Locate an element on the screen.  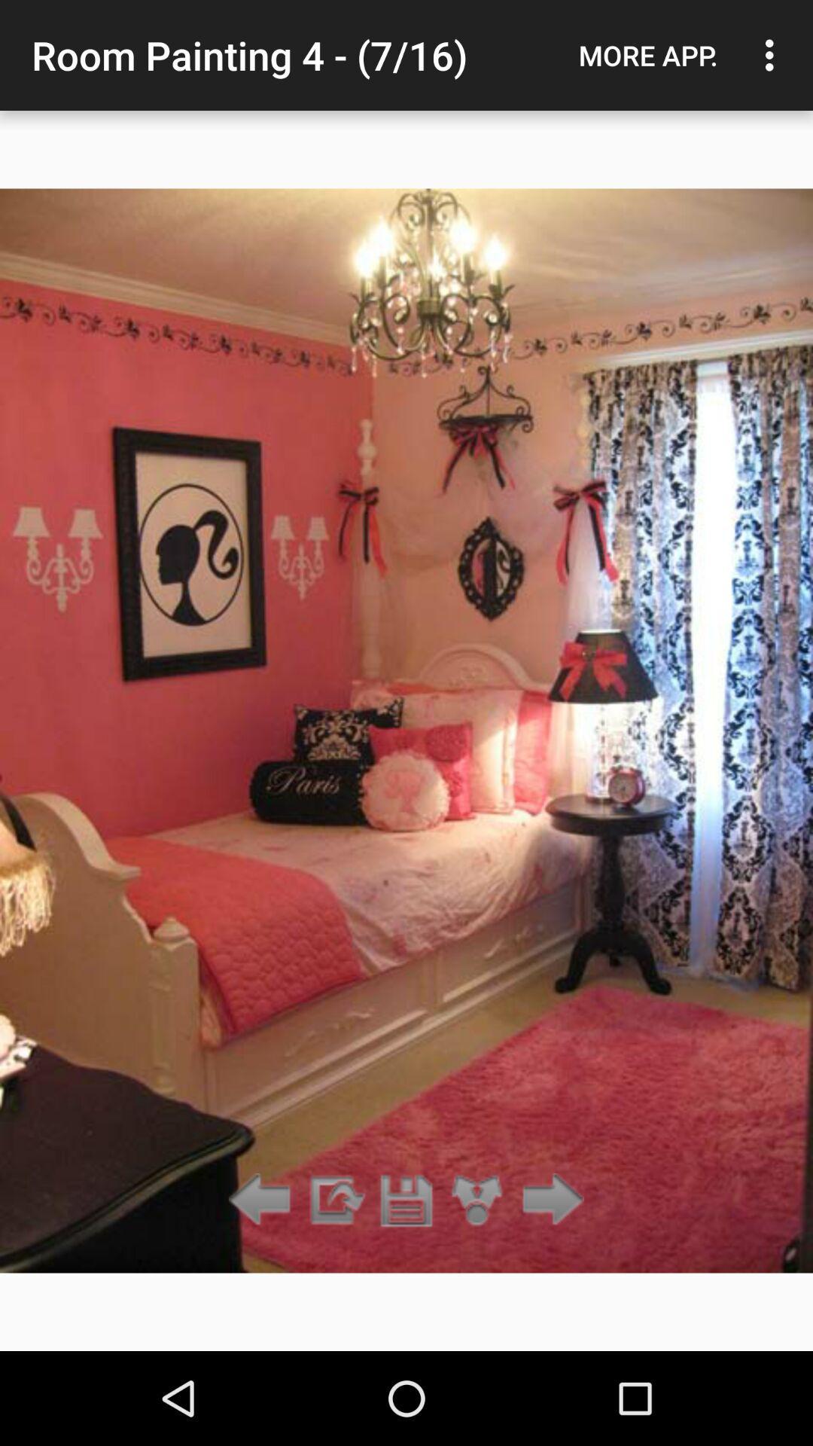
app below room painting 4 icon is located at coordinates (477, 1200).